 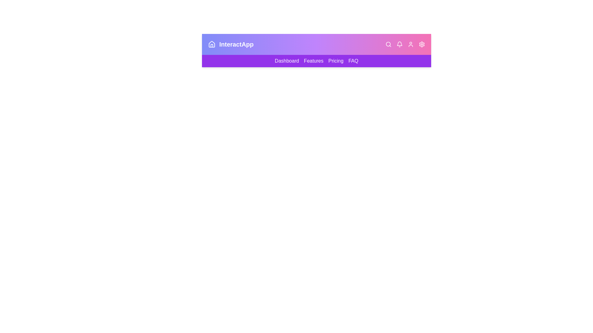 I want to click on the 'FAQ' link in the navigation bar, so click(x=353, y=61).